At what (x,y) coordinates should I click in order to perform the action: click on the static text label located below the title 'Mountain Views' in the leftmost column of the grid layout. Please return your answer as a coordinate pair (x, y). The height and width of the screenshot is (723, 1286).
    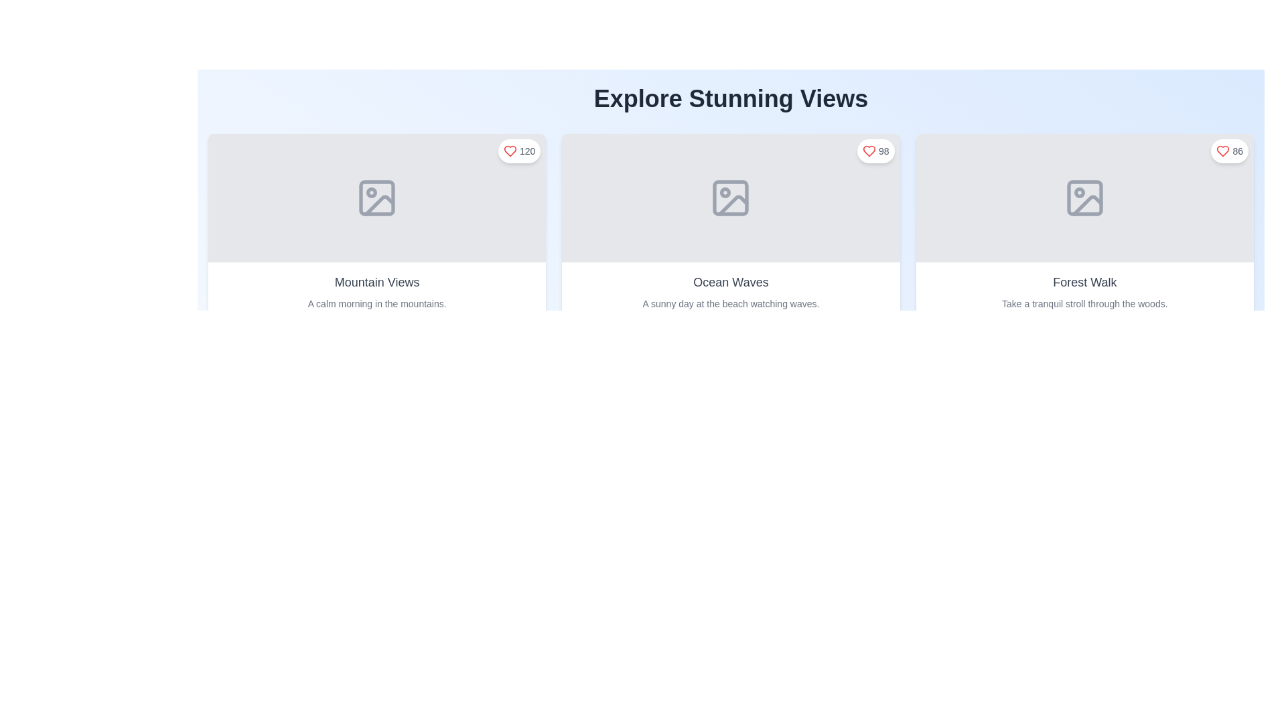
    Looking at the image, I should click on (376, 304).